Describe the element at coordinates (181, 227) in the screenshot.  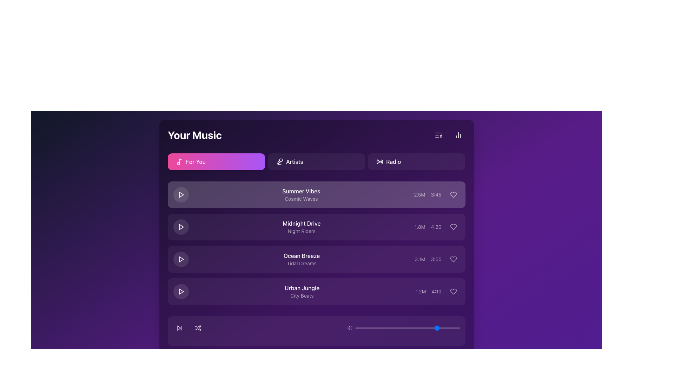
I see `the second play icon, which resembles a forward-pointing triangle with a white outline, located in the list of music tracks next to 'Midnight Drive'` at that location.